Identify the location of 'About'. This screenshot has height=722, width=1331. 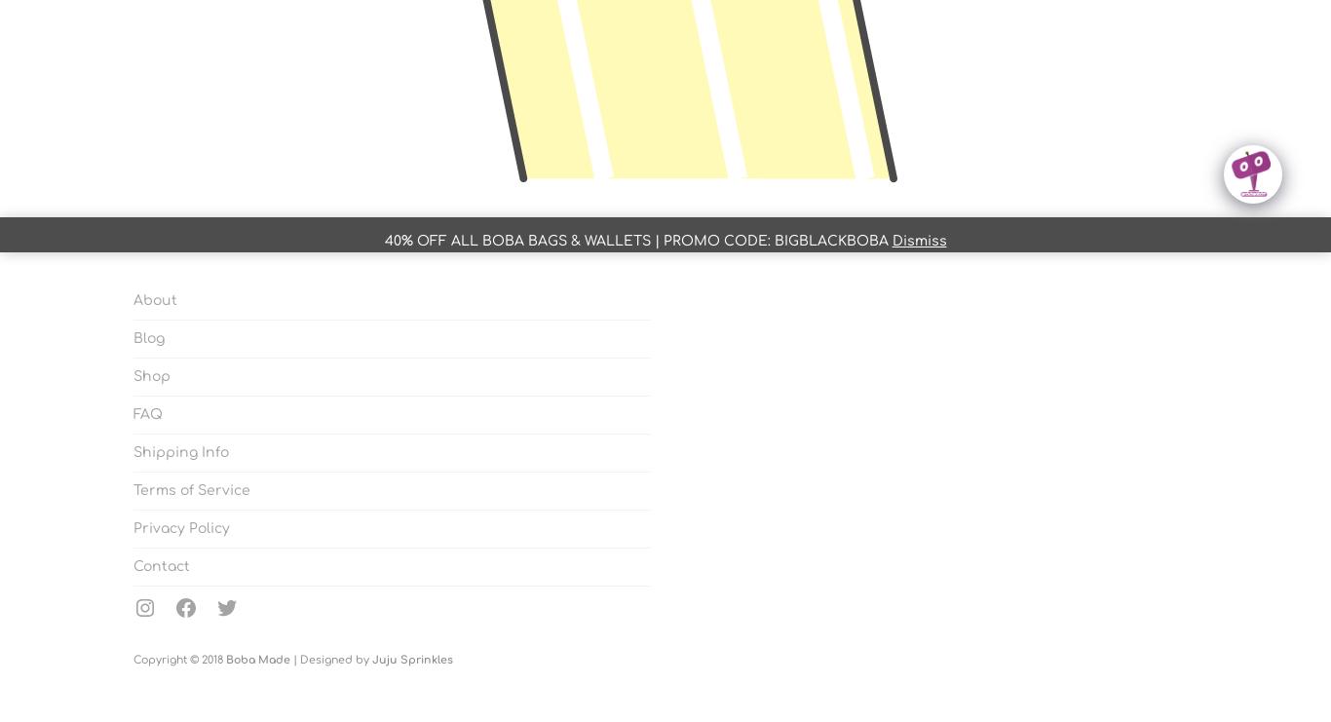
(153, 299).